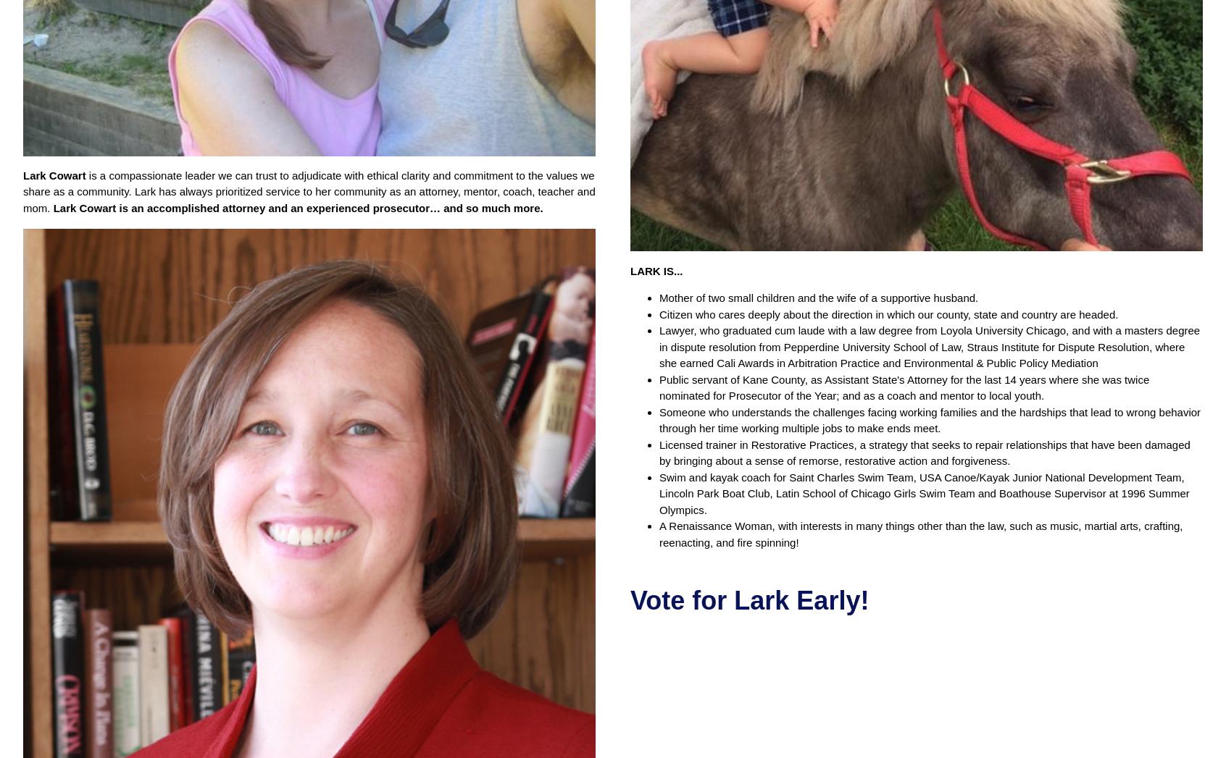  I want to click on 'is a compassionate leader we can trust to adjudicate with ethical clarity and commitment to the values we share as a community. Lark has always prioritized service to her community as an attorney, mentor, coach, teacher and mom.', so click(308, 190).